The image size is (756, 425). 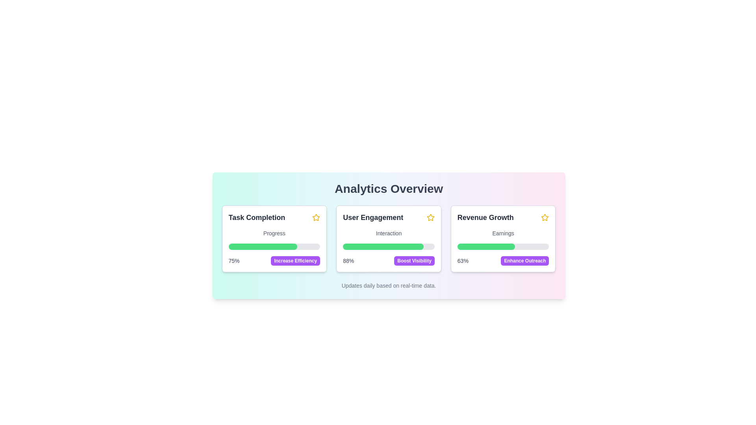 What do you see at coordinates (383, 246) in the screenshot?
I see `the green progress bar located in the 'User Engagement' section, positioned within the second card from the left in the 'Analytics Overview' section` at bounding box center [383, 246].